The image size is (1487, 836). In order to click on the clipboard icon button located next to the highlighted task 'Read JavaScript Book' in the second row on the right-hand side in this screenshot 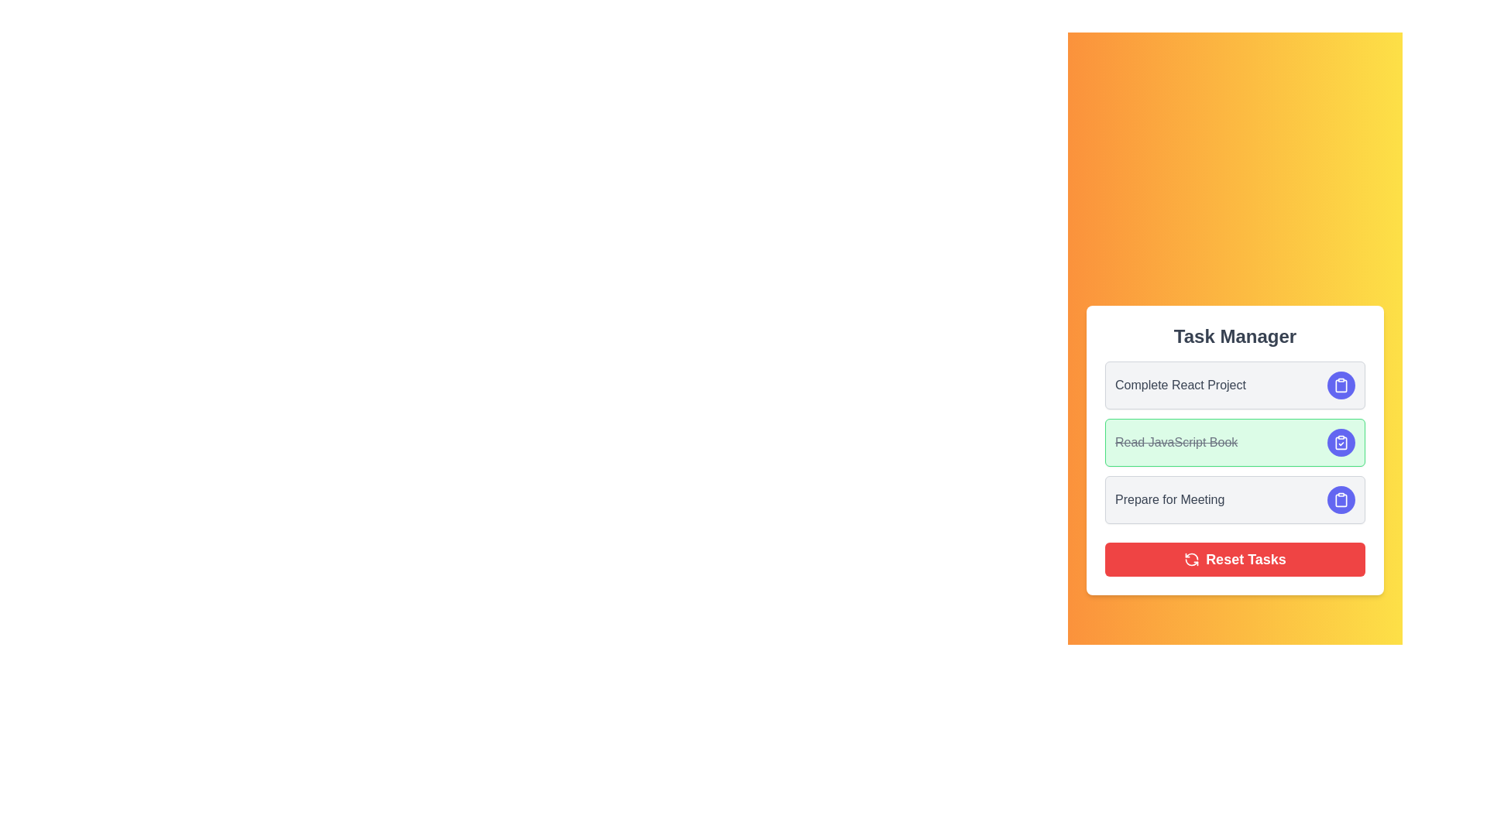, I will do `click(1341, 499)`.